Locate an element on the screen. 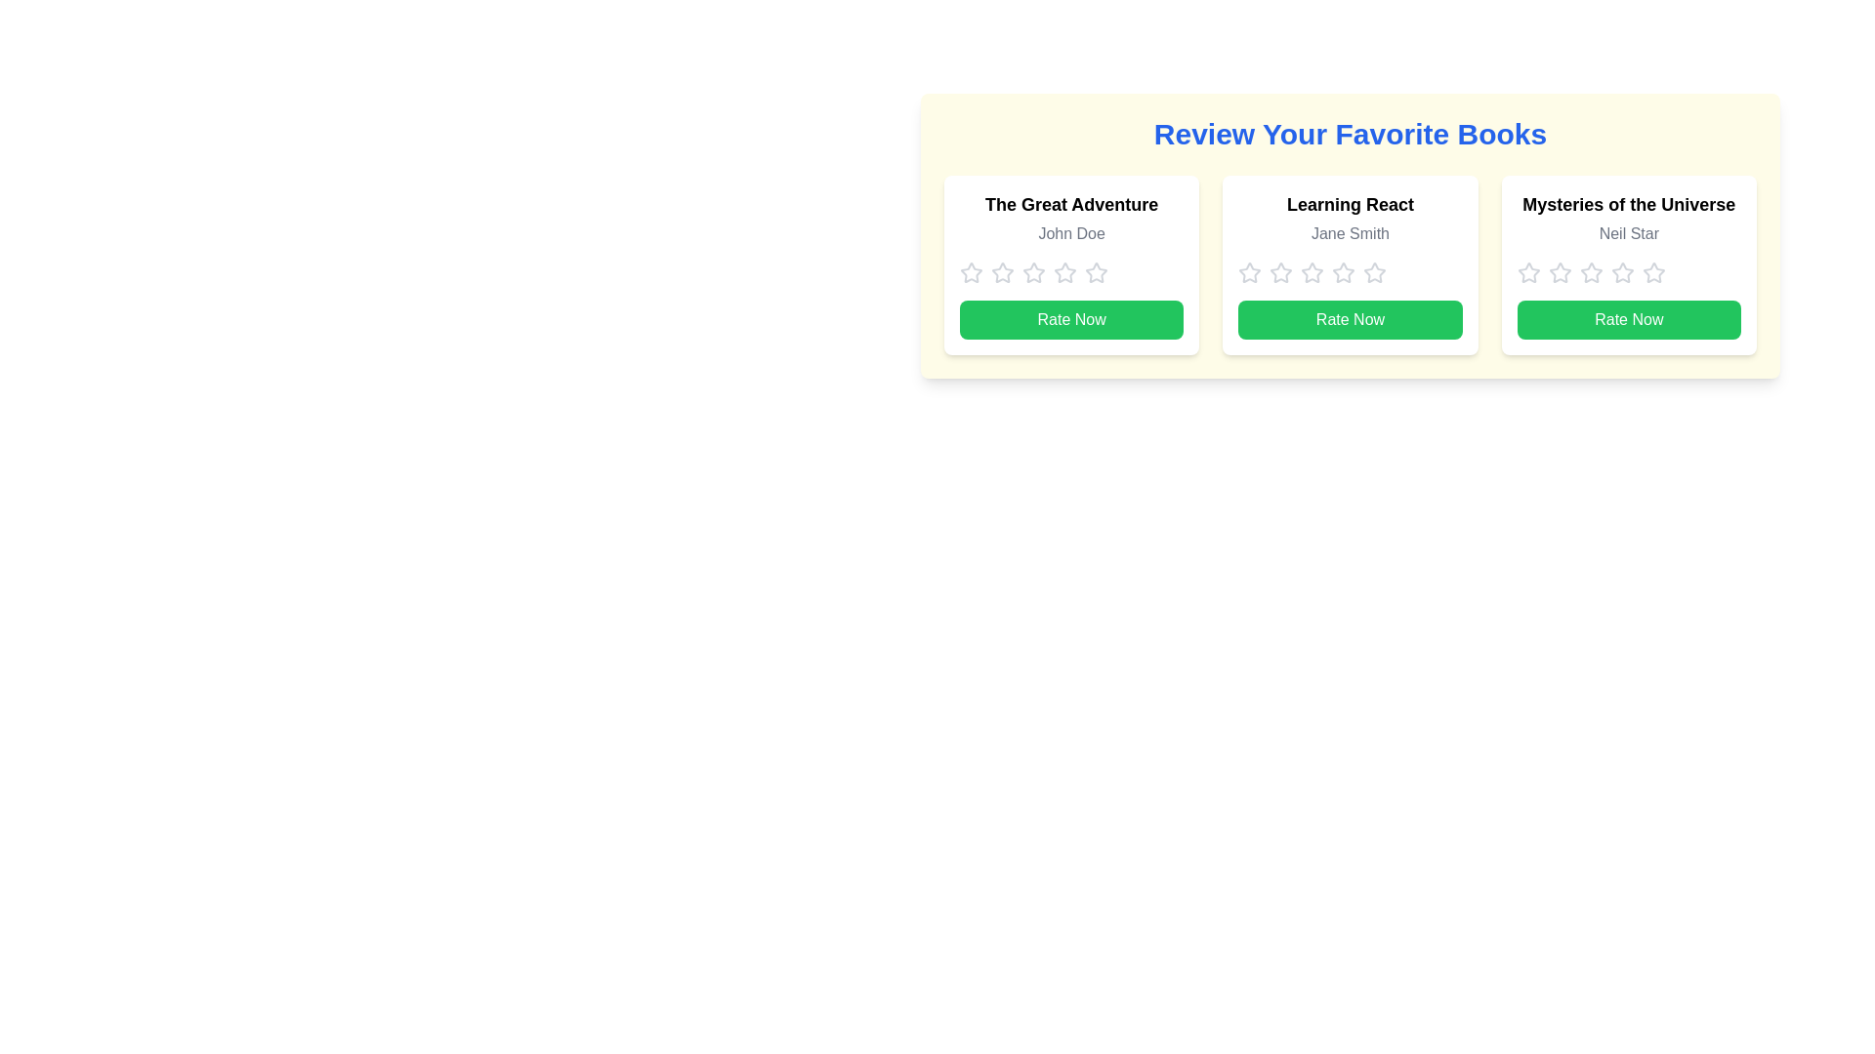 The image size is (1875, 1054). the text display block that shows the book title 'The Great Adventure' by 'John Doe' in a card interface located at the top-left region is located at coordinates (1070, 221).